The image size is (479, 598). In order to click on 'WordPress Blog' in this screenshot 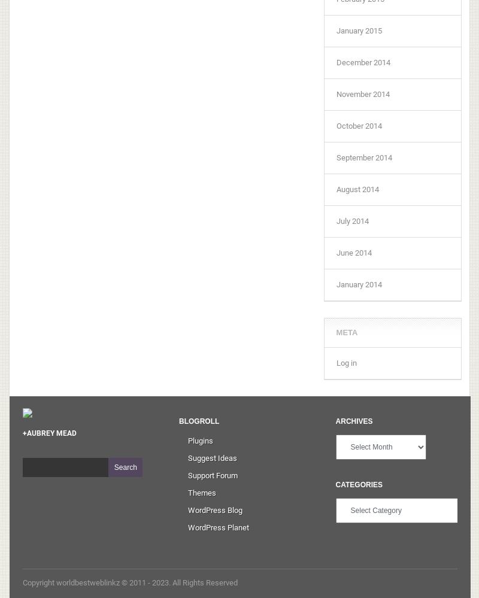, I will do `click(215, 509)`.